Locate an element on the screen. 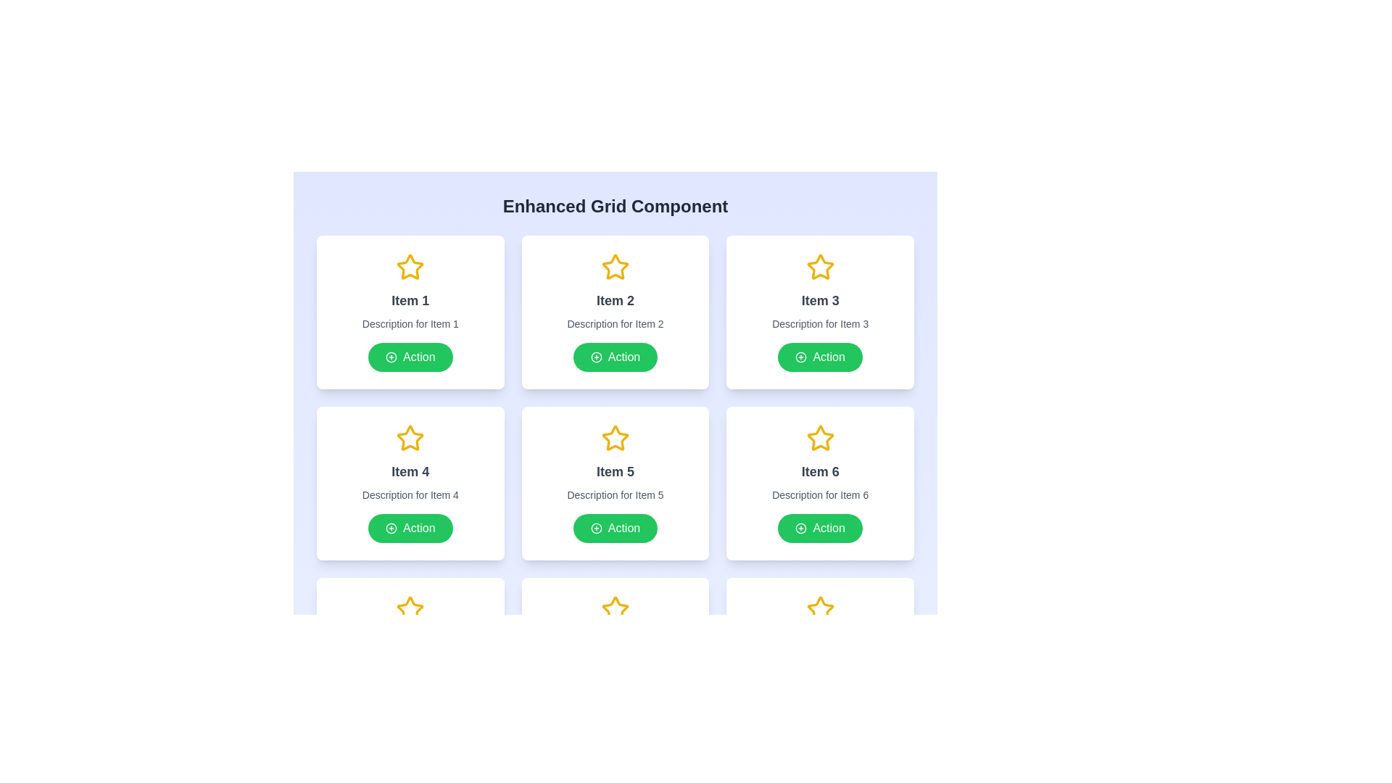 This screenshot has height=783, width=1392. the text label that reads 'Item 5', which is centrally aligned and located below a star icon in the second row and second column of a grid is located at coordinates (616, 472).